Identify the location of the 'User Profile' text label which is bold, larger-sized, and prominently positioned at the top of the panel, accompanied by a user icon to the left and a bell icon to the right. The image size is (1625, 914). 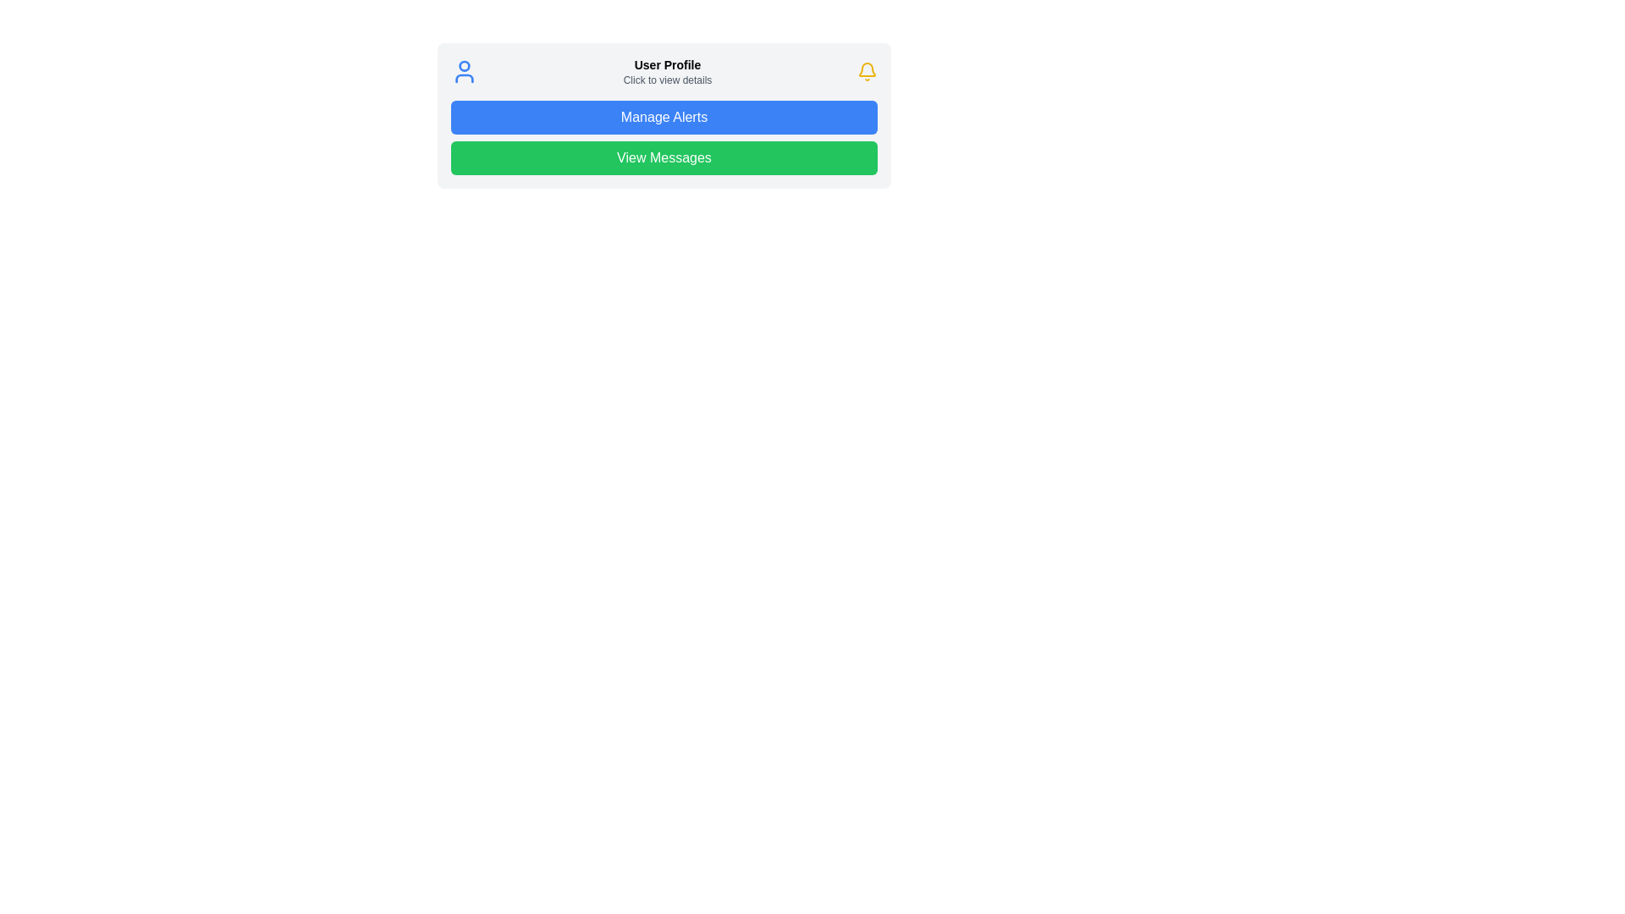
(666, 64).